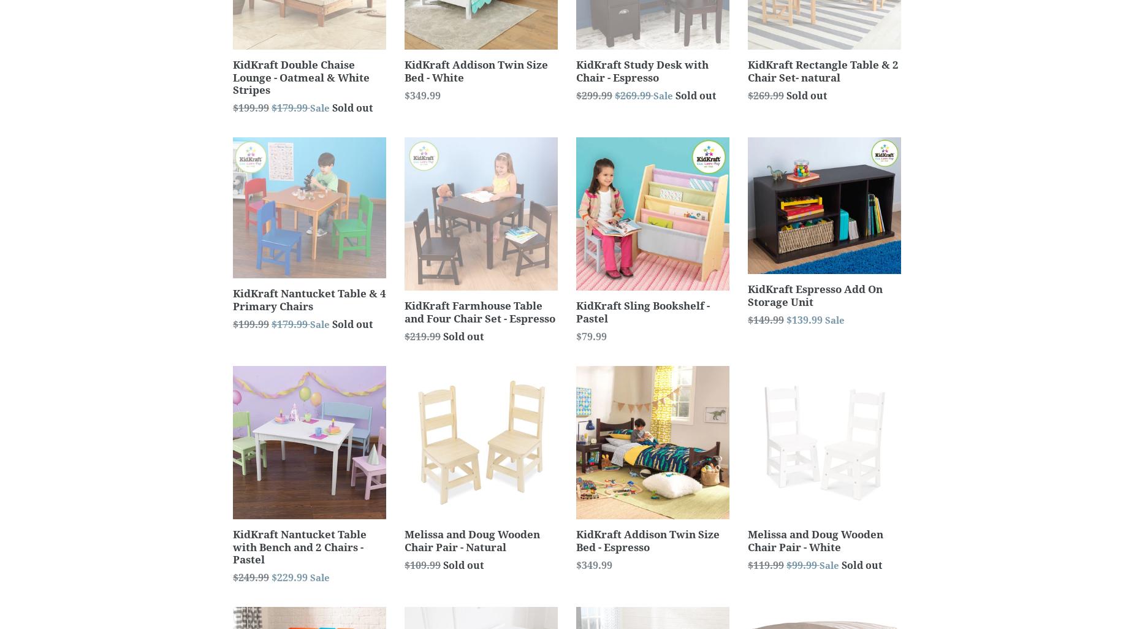  I want to click on '$139.99', so click(805, 319).